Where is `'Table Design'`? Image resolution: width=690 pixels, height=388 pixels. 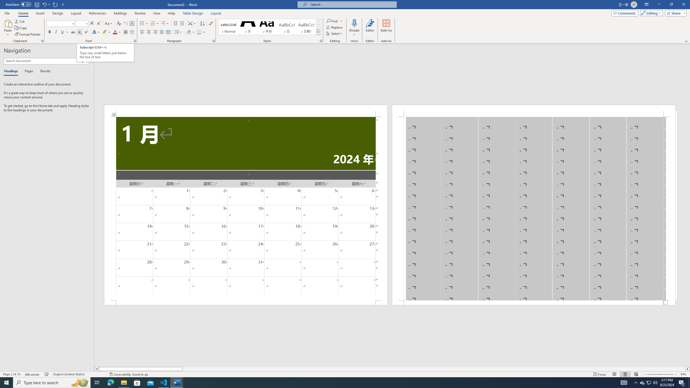 'Table Design' is located at coordinates (193, 13).